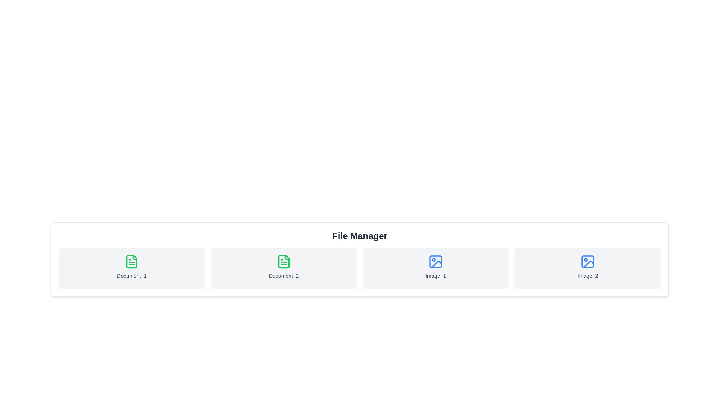 Image resolution: width=723 pixels, height=406 pixels. Describe the element at coordinates (587, 268) in the screenshot. I see `the card associated with 'Image_2'` at that location.